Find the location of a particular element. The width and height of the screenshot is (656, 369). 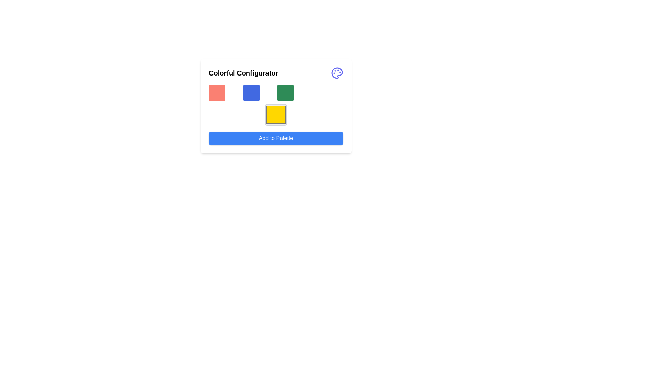

to select or highlight the third color swatch in a horizontally aligned grid of four squares, located between the blue square and the yellow square is located at coordinates (285, 93).